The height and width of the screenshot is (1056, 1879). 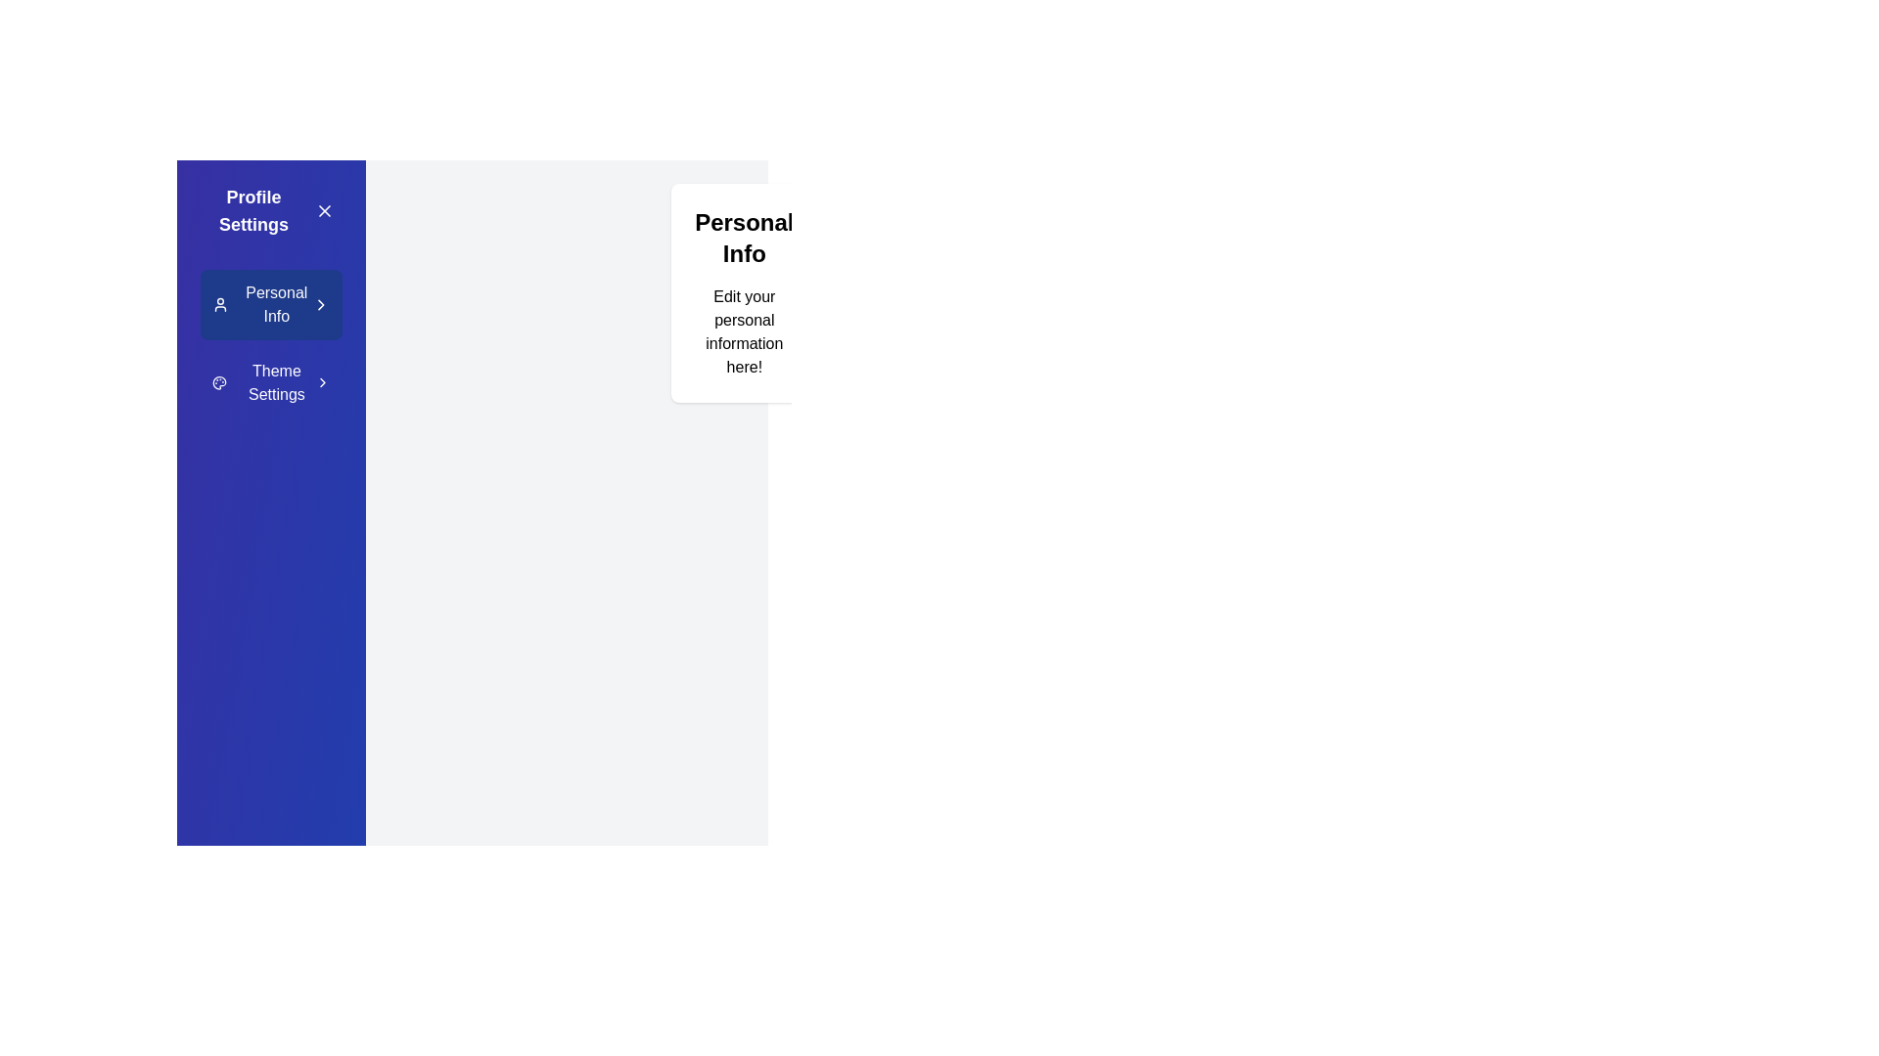 What do you see at coordinates (275, 305) in the screenshot?
I see `the 'Personal Info' navigation button, which is displayed in white font within a blue rounded rectangle on the left sidebar menu` at bounding box center [275, 305].